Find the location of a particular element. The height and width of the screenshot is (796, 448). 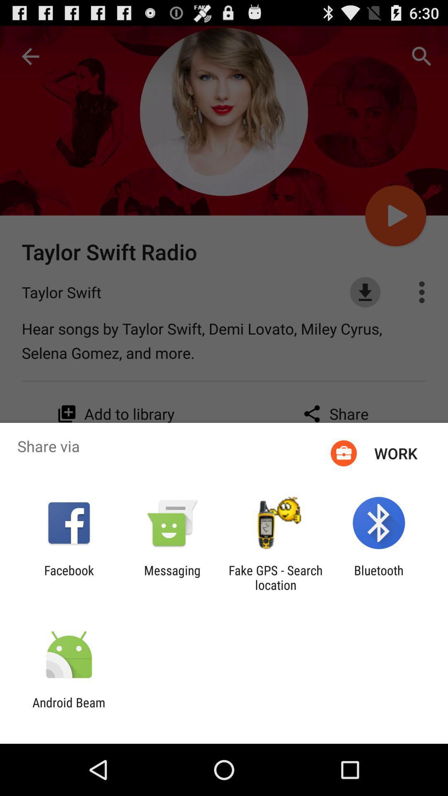

the bluetooth item is located at coordinates (379, 577).